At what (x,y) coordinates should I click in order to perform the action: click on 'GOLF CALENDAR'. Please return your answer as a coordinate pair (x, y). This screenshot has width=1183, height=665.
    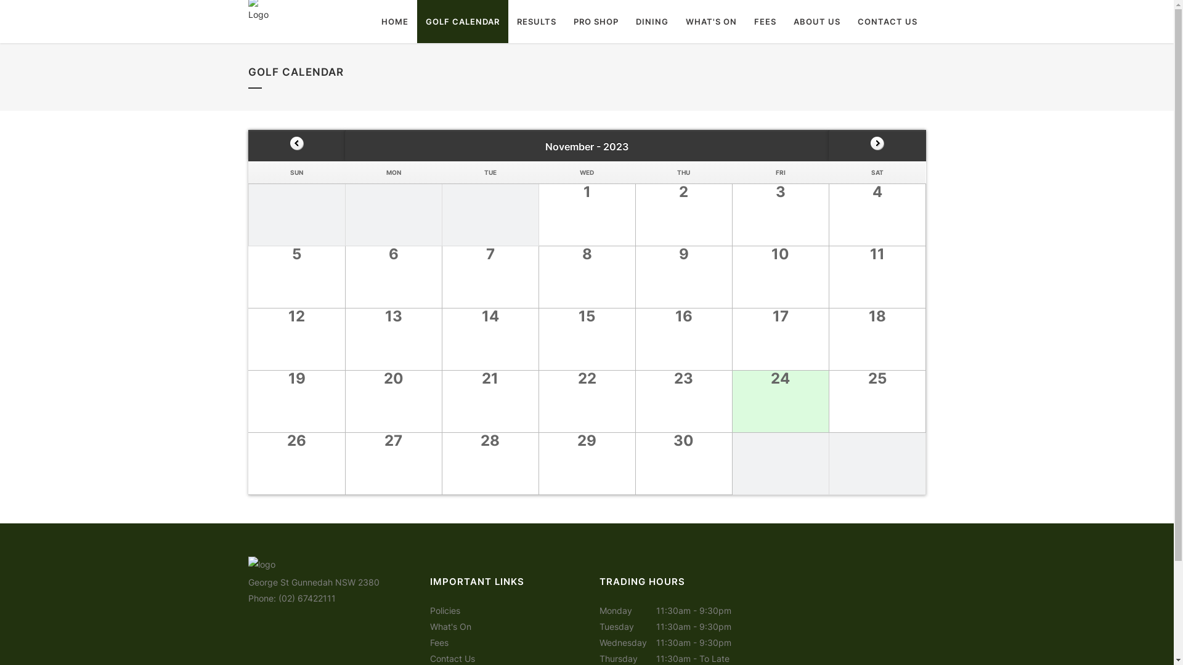
    Looking at the image, I should click on (461, 21).